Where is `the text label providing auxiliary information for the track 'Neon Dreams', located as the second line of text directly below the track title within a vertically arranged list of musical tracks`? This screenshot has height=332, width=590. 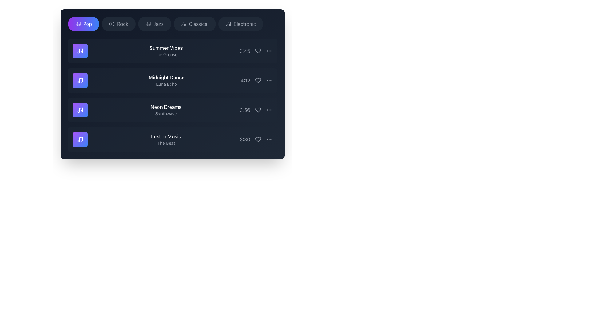
the text label providing auxiliary information for the track 'Neon Dreams', located as the second line of text directly below the track title within a vertically arranged list of musical tracks is located at coordinates (166, 114).